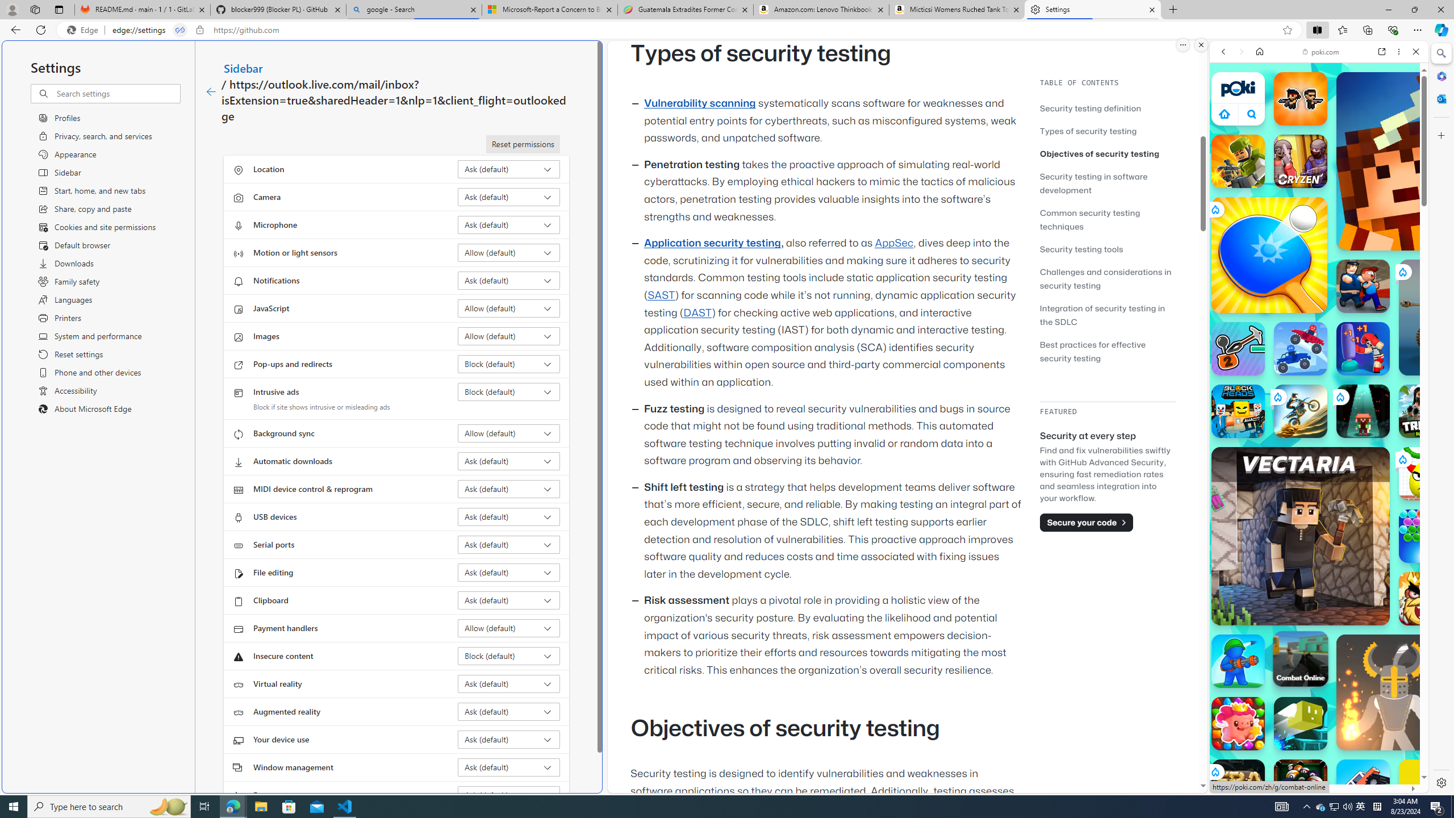  Describe the element at coordinates (1426, 411) in the screenshot. I see `'Tribals.io'` at that location.